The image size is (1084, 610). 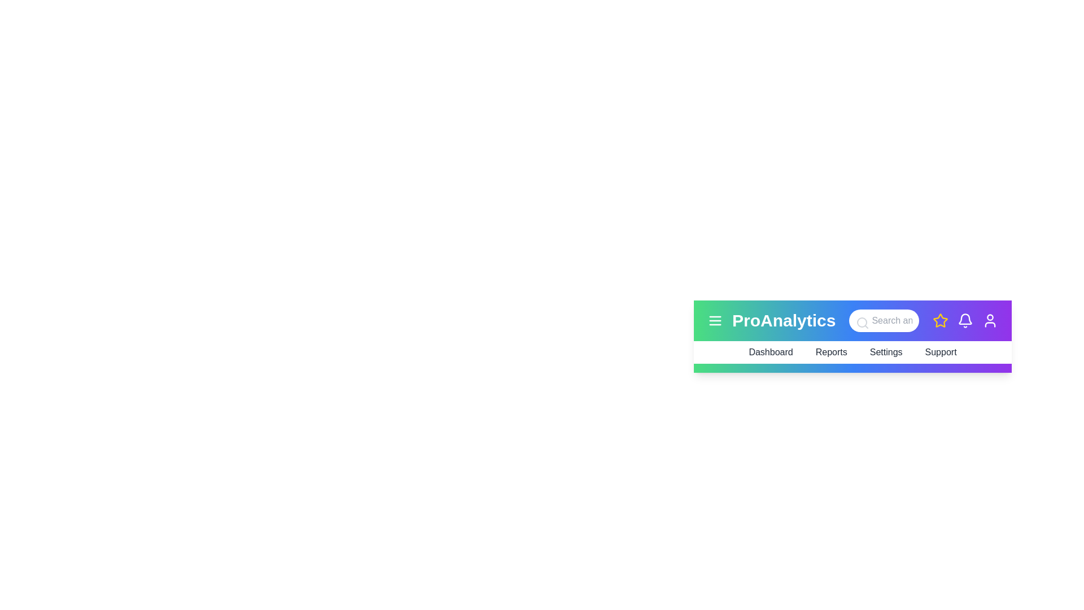 I want to click on the menu item Support to trigger additional feedback, so click(x=941, y=352).